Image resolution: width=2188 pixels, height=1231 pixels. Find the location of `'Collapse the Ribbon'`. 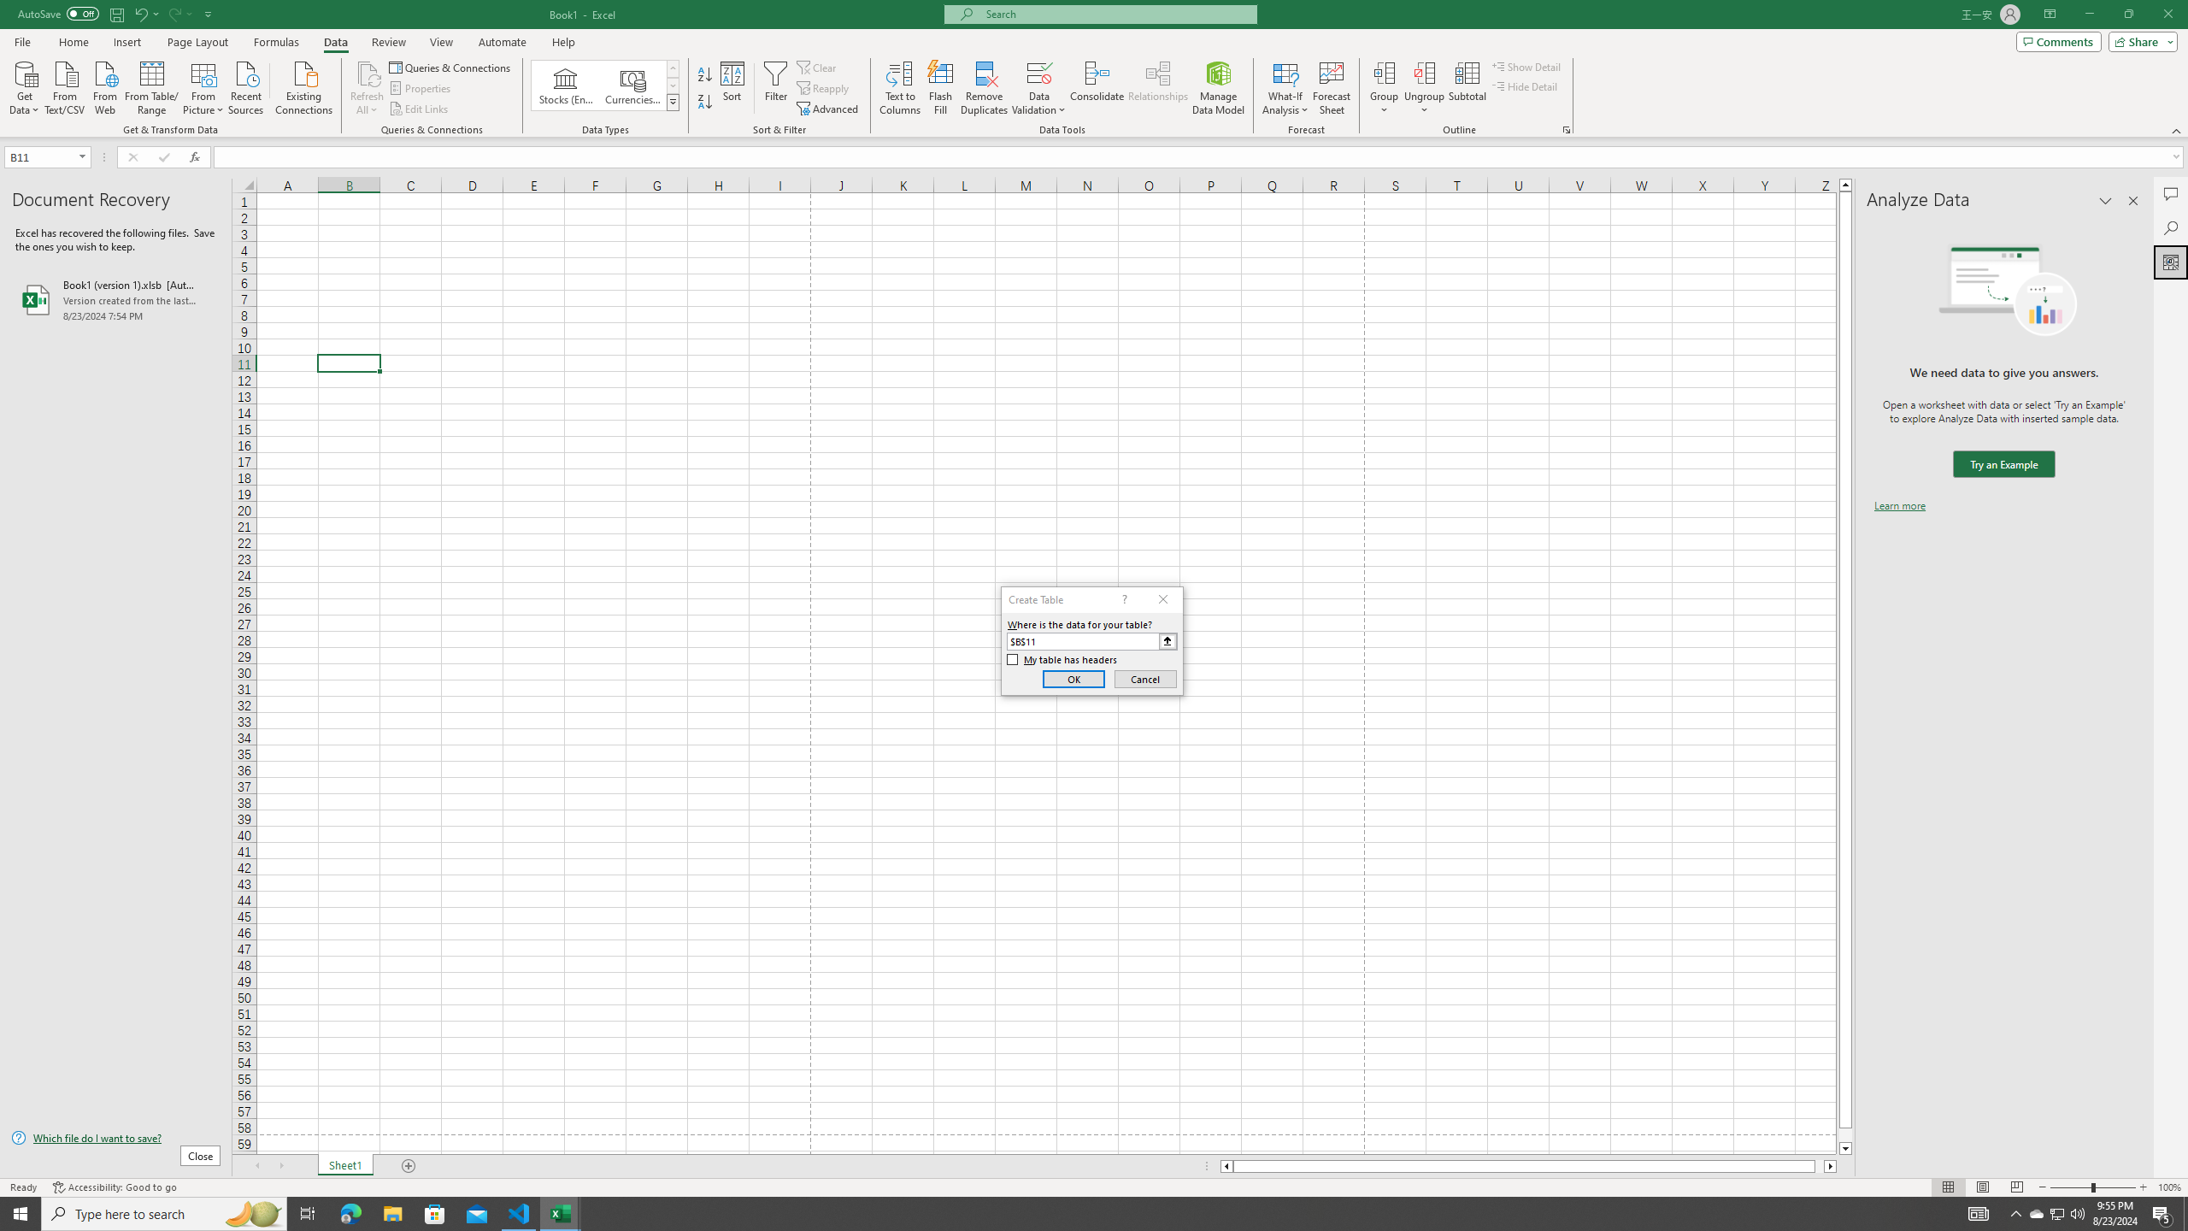

'Collapse the Ribbon' is located at coordinates (2177, 131).